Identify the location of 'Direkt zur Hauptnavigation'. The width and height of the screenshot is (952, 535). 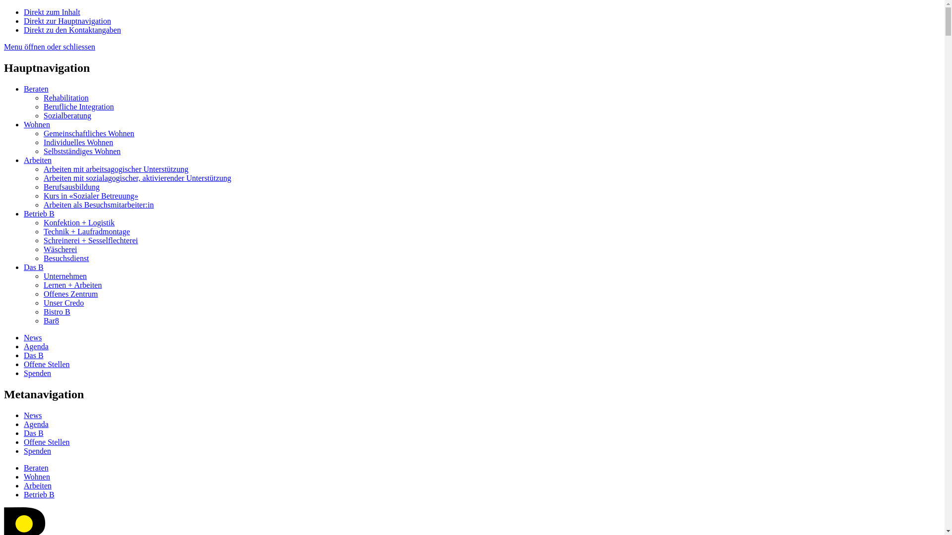
(66, 21).